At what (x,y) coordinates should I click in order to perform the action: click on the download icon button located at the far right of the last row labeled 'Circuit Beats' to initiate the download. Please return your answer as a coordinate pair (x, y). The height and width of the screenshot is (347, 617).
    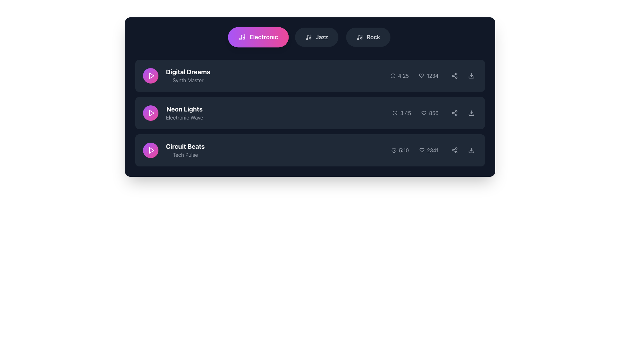
    Looking at the image, I should click on (471, 150).